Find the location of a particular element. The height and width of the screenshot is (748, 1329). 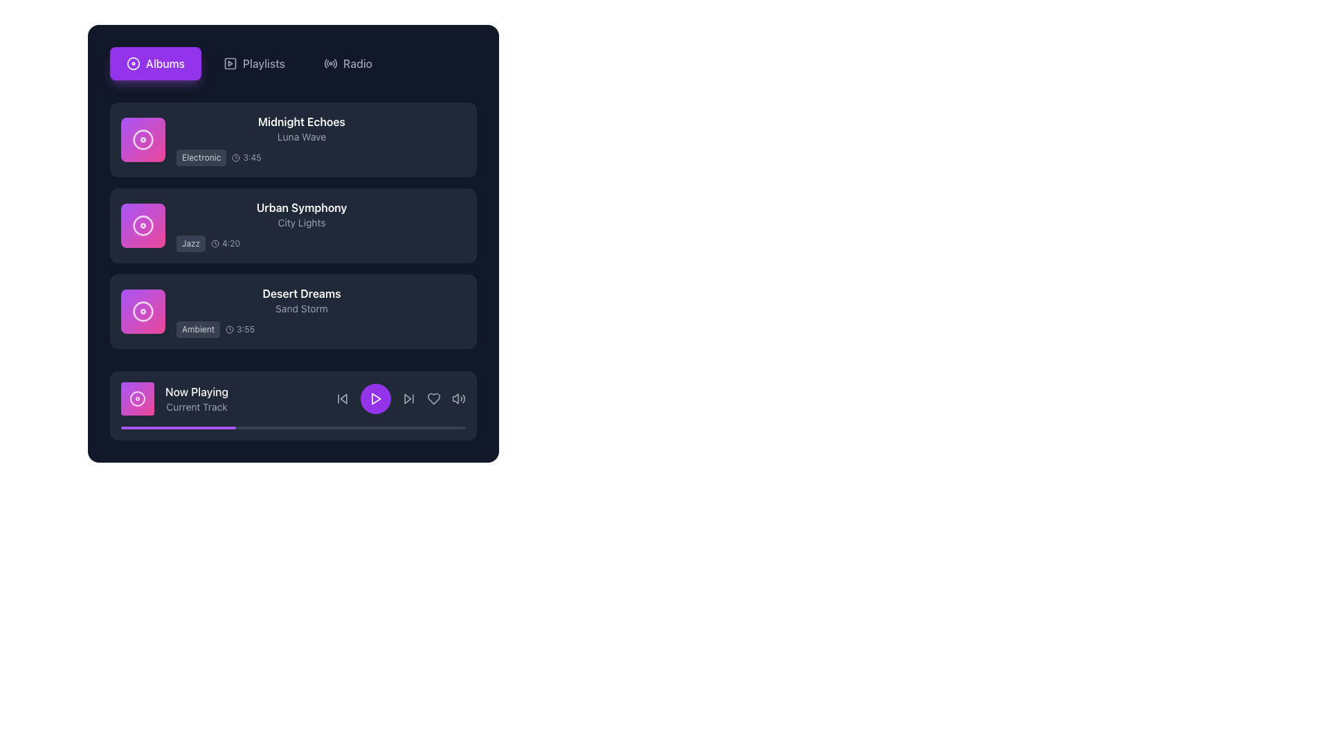

the play button, which is represented by a triangular play icon located is located at coordinates (375, 398).